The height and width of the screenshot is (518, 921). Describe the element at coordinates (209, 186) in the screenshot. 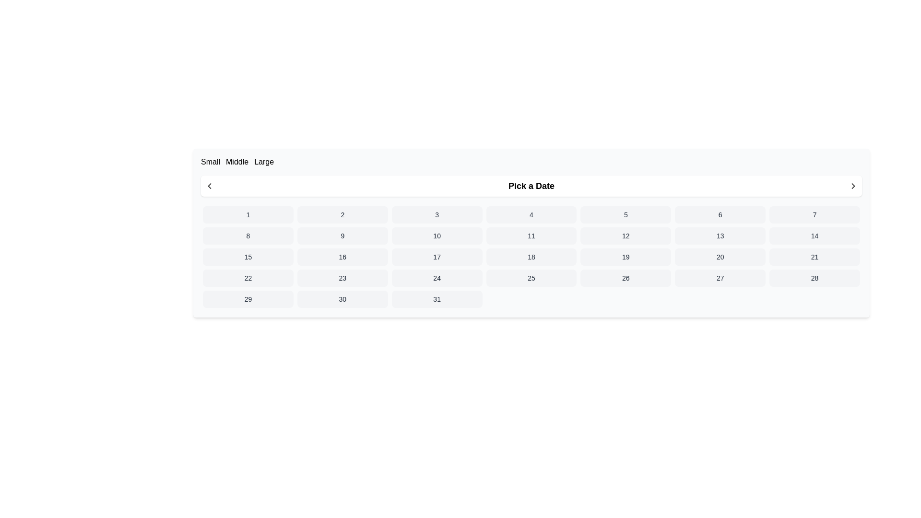

I see `the chevron icon located in the header area of the date selection modal to activate hover effects` at that location.